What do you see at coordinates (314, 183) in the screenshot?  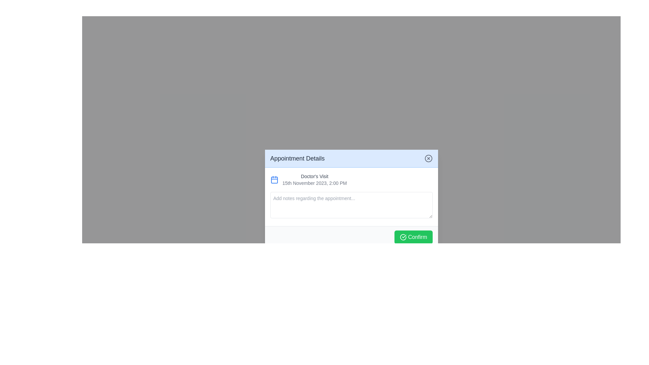 I see `the static timestamp text label that displays the date and time of an event, located below the 'Doctor's Visit' label` at bounding box center [314, 183].